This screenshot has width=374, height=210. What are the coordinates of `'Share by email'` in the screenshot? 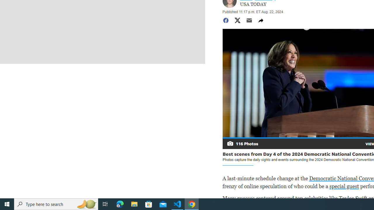 It's located at (249, 20).